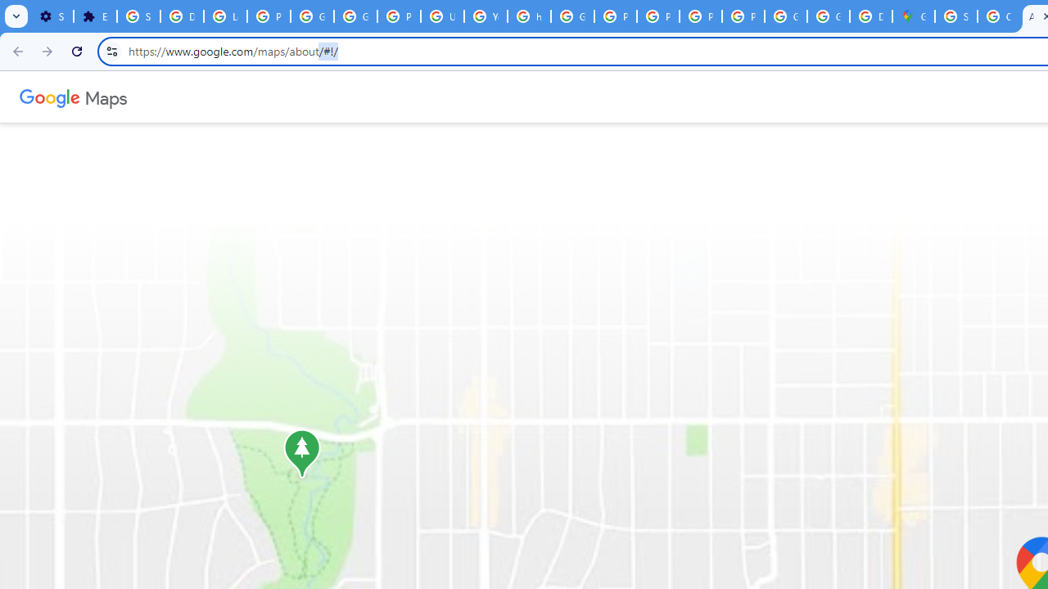 The image size is (1048, 589). What do you see at coordinates (615, 16) in the screenshot?
I see `'Privacy Help Center - Policies Help'` at bounding box center [615, 16].